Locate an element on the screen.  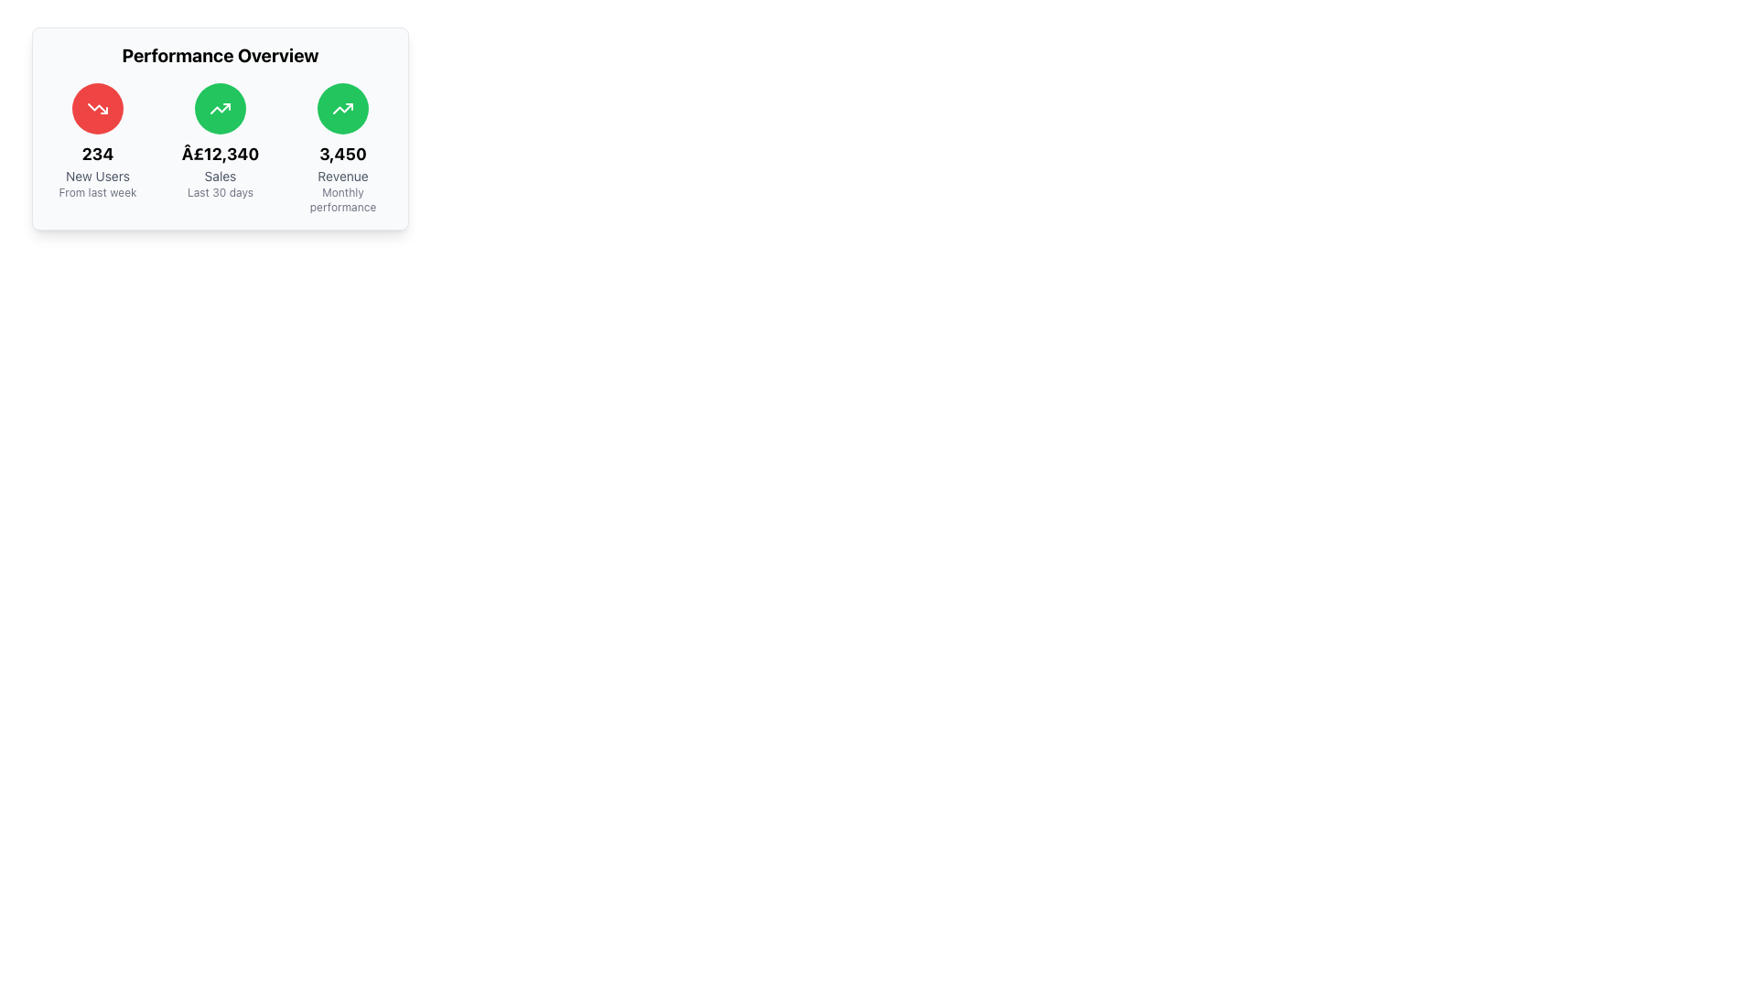
the Info Card displaying the revenue figure for more details, located in the third column under the 'Performance Overview' header is located at coordinates (342, 147).